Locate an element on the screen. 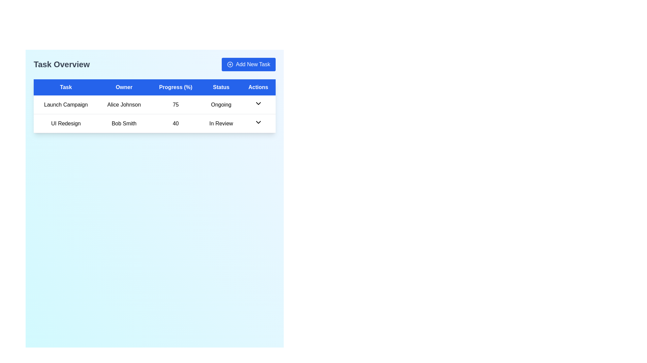  the non-interactive text label indicating 'Owner' in the second column header of the data table is located at coordinates (124, 87).